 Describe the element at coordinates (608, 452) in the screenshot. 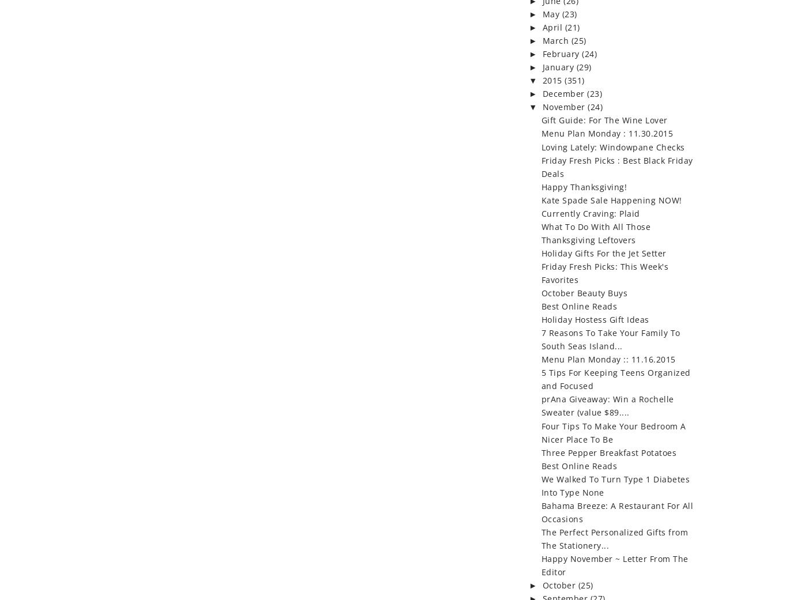

I see `'Three Pepper Breakfast Potatoes'` at that location.